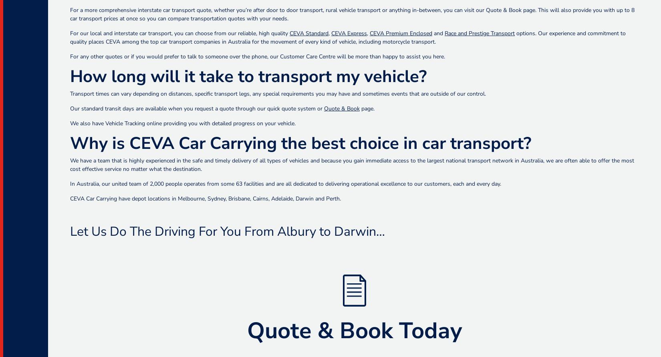  I want to click on 'page. This will also provide you with up to 8 car transport prices at once so you can compare transportation quotes with your needs.', so click(352, 14).